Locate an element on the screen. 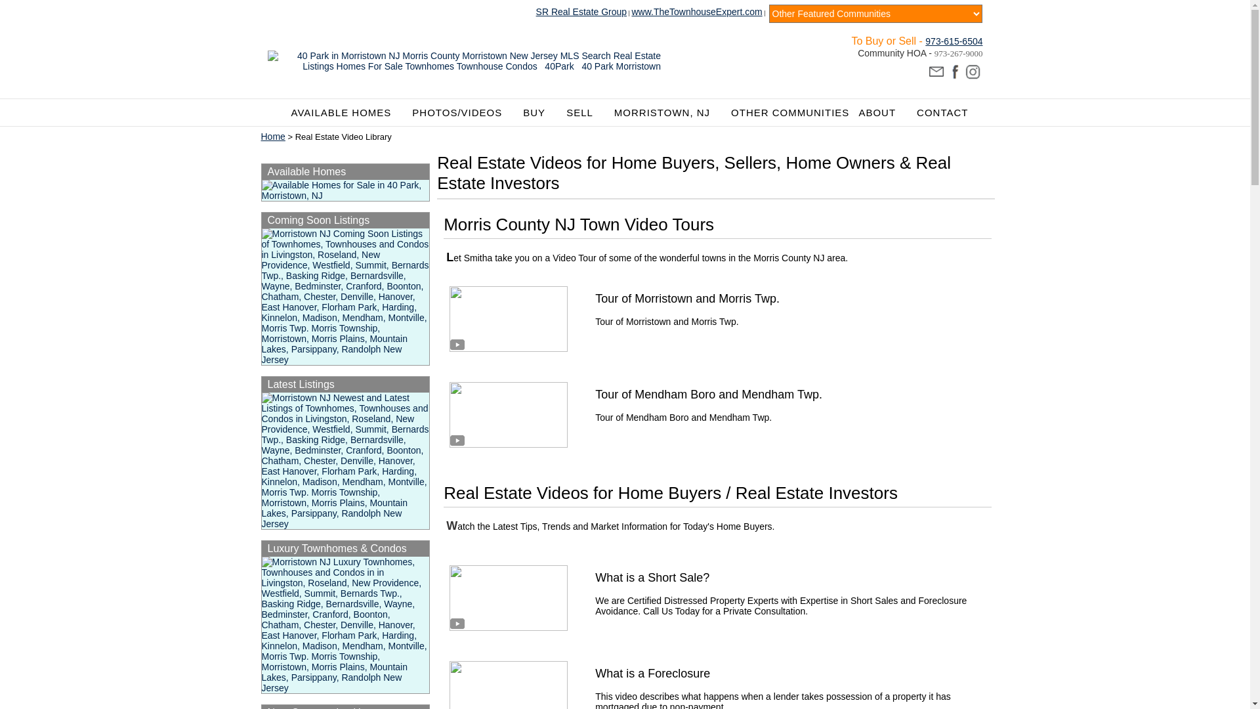 The image size is (1260, 709). 'MORRISTOWN, NJ' is located at coordinates (667, 112).